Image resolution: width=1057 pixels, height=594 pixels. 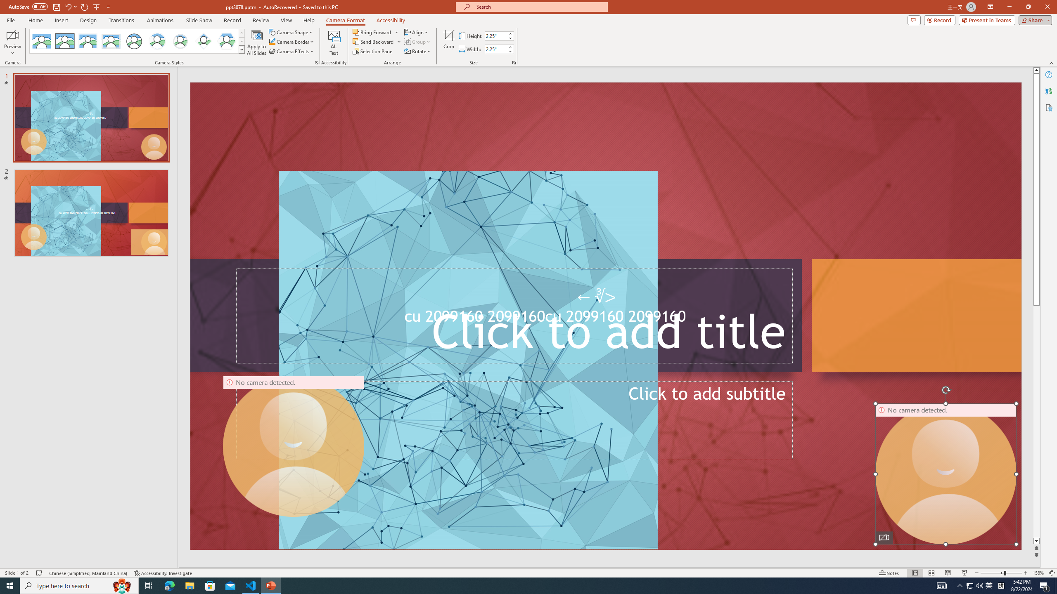 What do you see at coordinates (605, 316) in the screenshot?
I see `'An abstract genetic concept'` at bounding box center [605, 316].